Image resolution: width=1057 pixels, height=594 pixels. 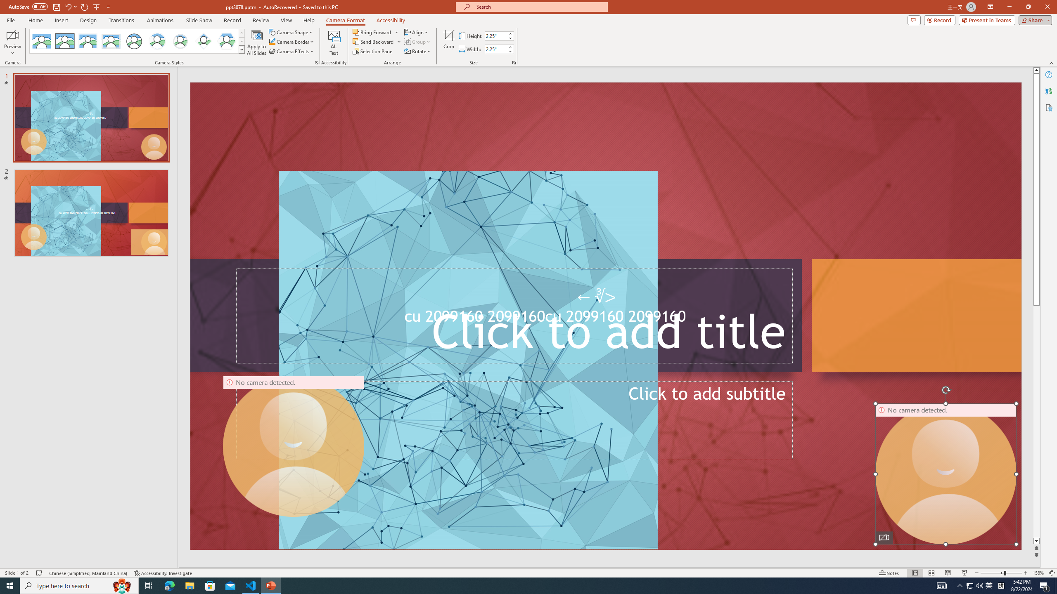 What do you see at coordinates (605, 316) in the screenshot?
I see `'An abstract genetic concept'` at bounding box center [605, 316].